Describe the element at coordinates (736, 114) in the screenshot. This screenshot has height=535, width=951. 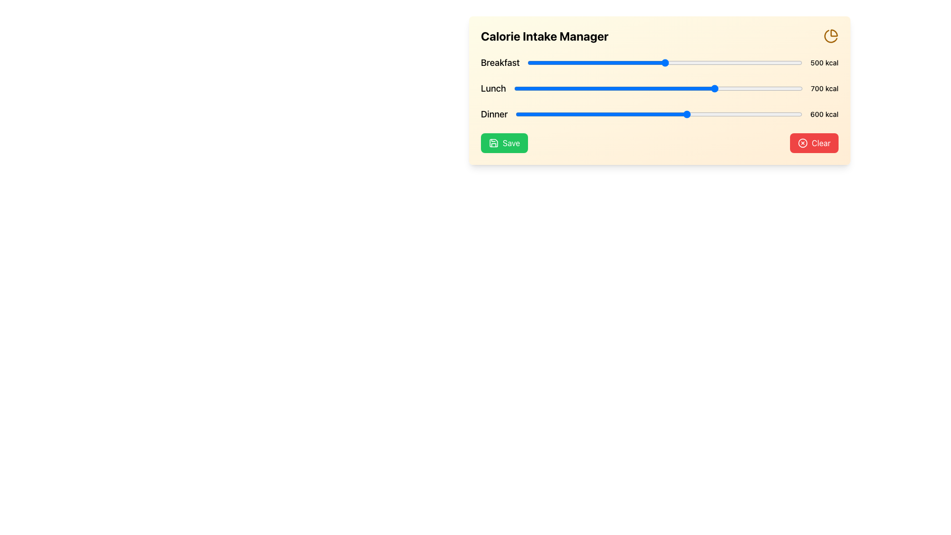
I see `Dinner kcal` at that location.